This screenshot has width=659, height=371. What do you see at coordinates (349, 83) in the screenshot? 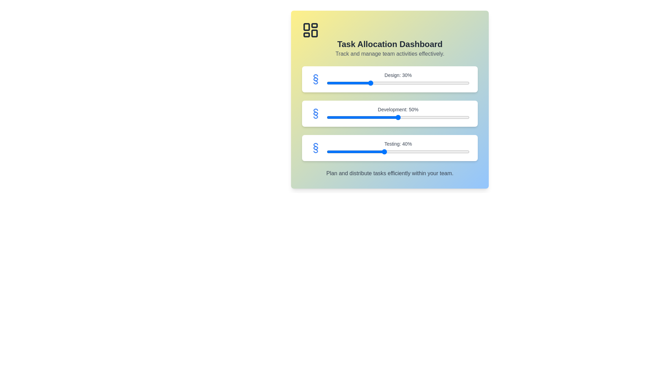
I see `the 'Design' slider to 16% by dragging the slider to the corresponding position` at bounding box center [349, 83].